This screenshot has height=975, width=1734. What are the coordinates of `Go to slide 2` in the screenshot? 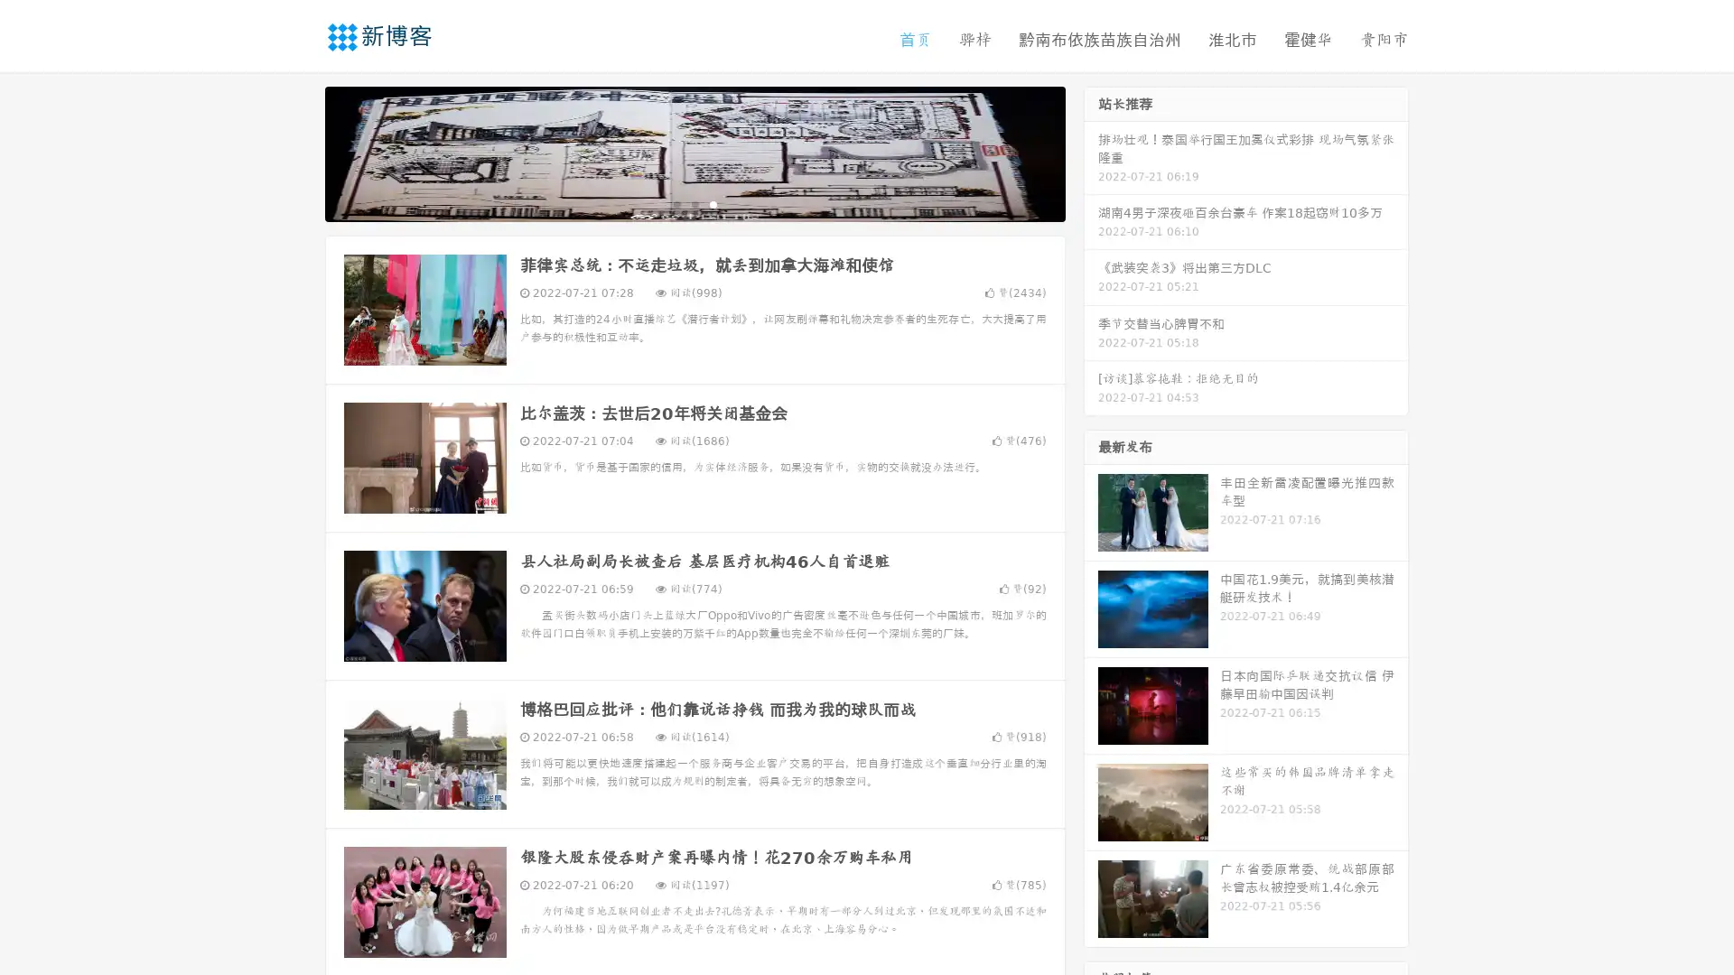 It's located at (694, 203).